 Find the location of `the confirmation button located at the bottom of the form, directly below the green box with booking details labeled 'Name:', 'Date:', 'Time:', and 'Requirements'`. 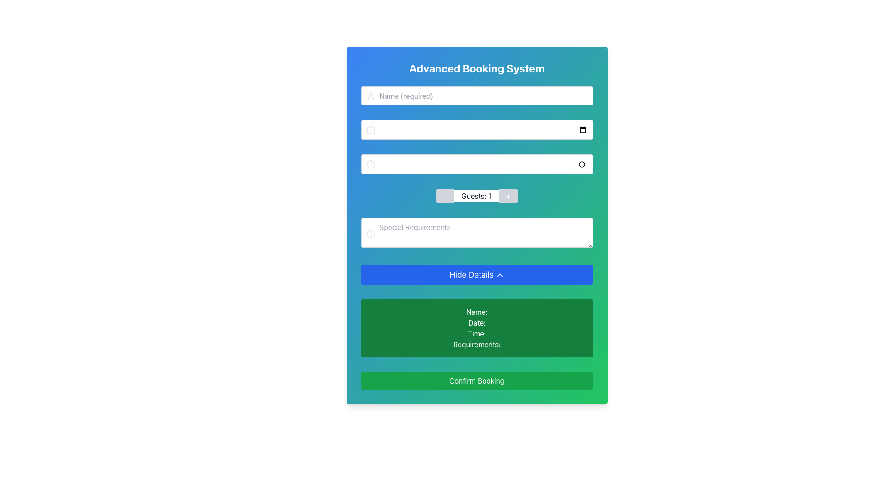

the confirmation button located at the bottom of the form, directly below the green box with booking details labeled 'Name:', 'Date:', 'Time:', and 'Requirements' is located at coordinates (476, 380).